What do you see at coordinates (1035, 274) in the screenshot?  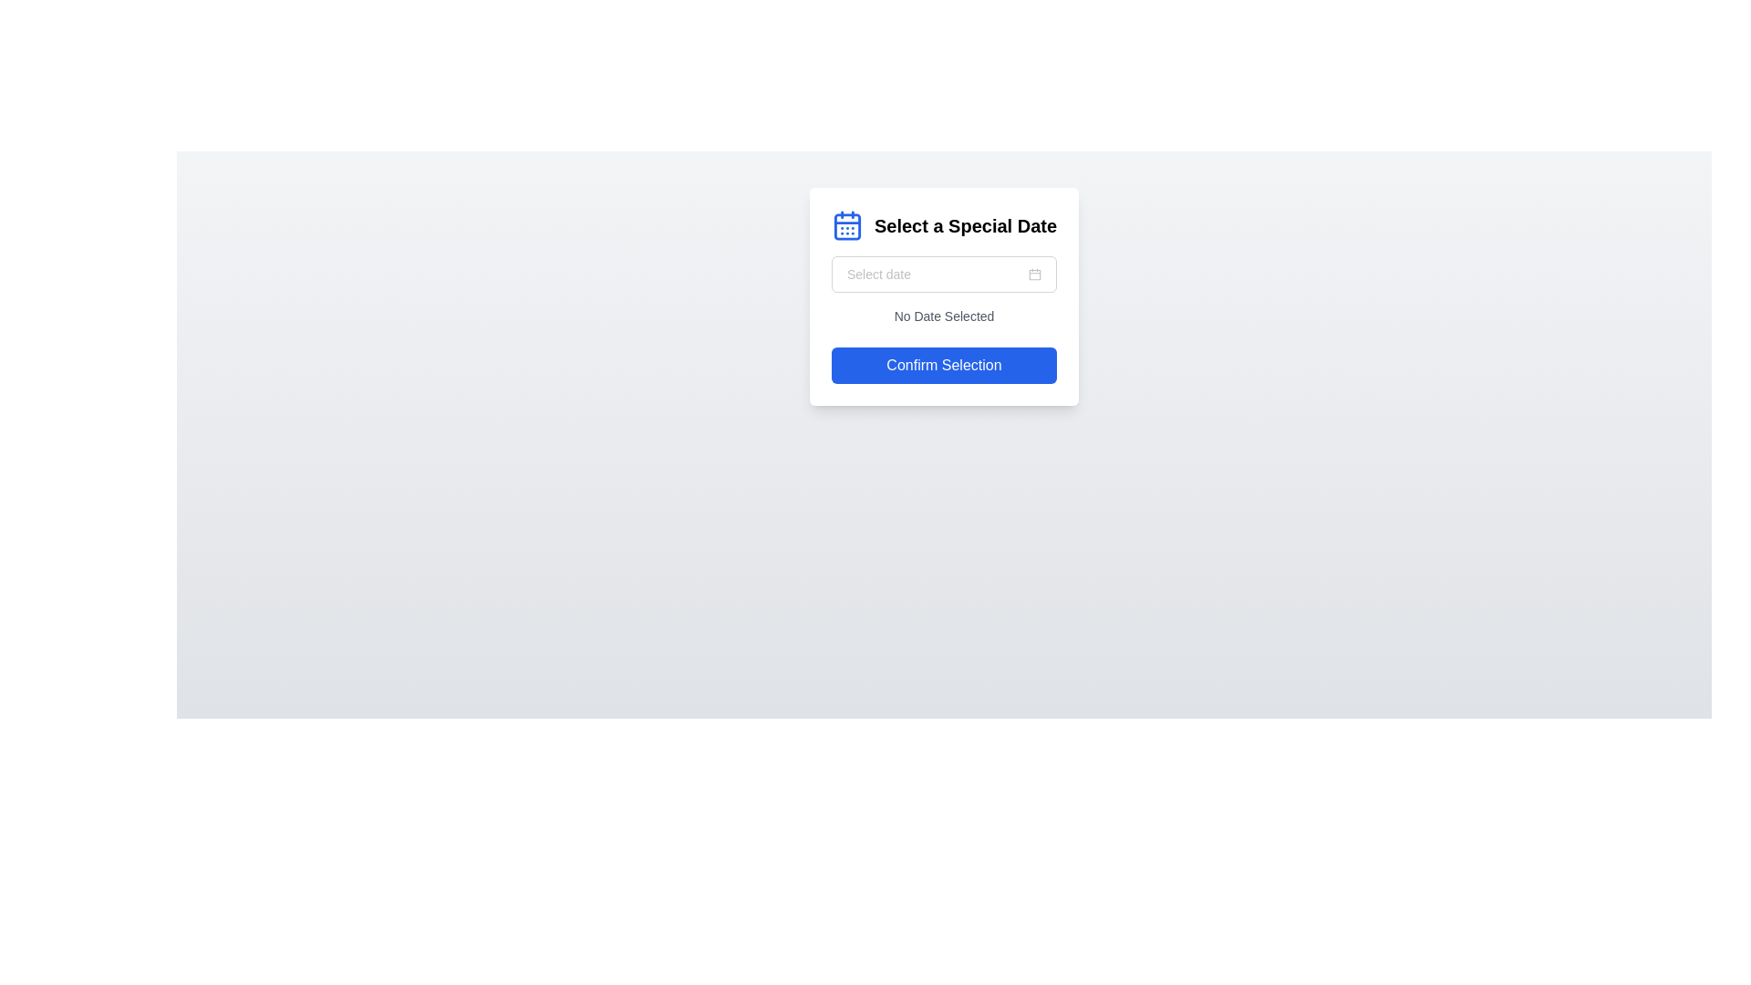 I see `the icon button located in the upper-right corner of the 'Select date' input field` at bounding box center [1035, 274].